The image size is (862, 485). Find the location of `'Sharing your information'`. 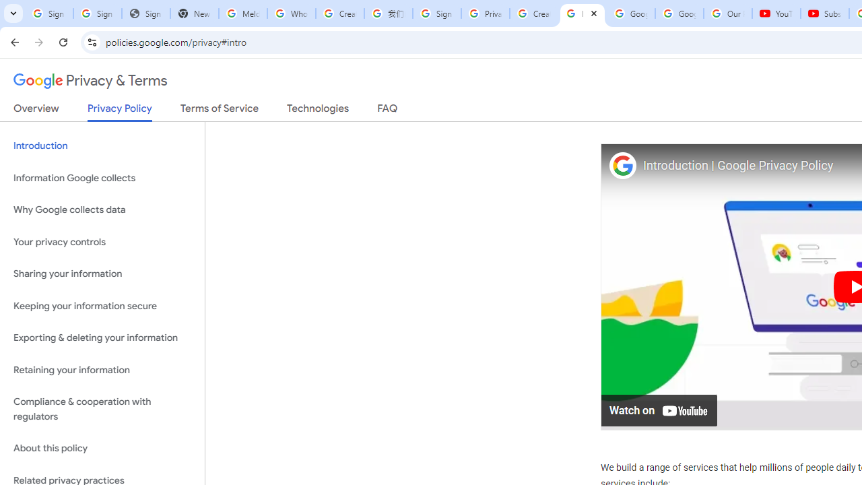

'Sharing your information' is located at coordinates (102, 273).